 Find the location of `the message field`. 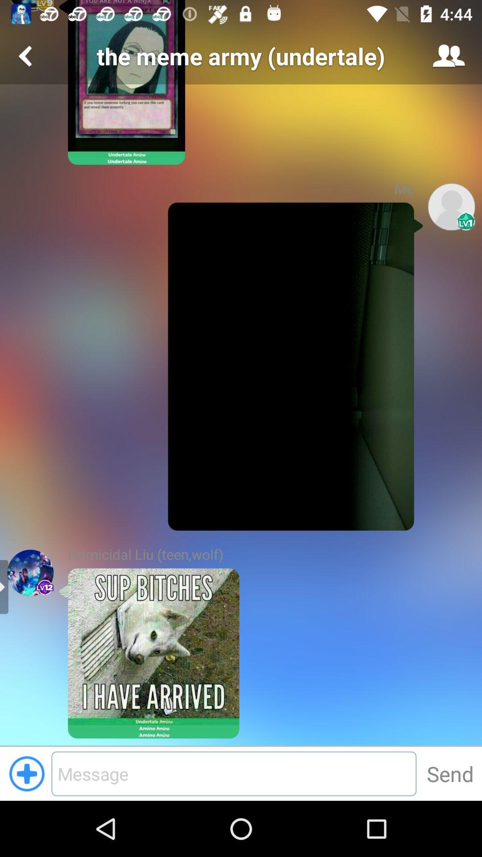

the message field is located at coordinates (233, 773).